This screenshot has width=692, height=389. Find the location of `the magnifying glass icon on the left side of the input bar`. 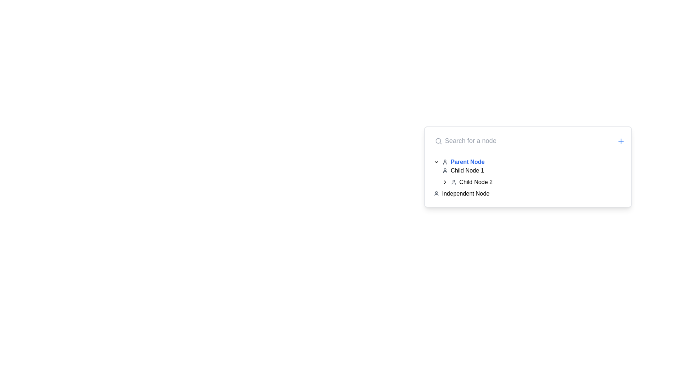

the magnifying glass icon on the left side of the input bar is located at coordinates (438, 141).